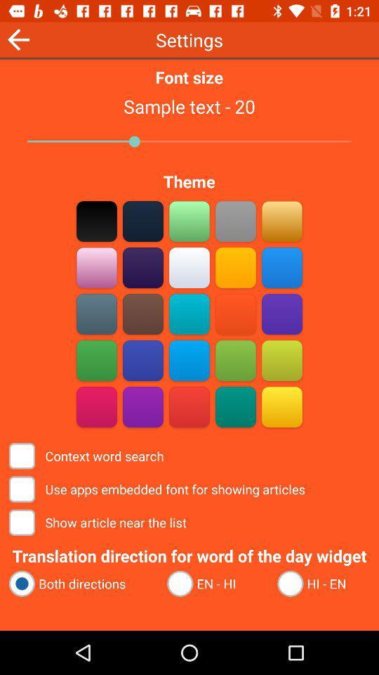 This screenshot has height=675, width=379. What do you see at coordinates (235, 406) in the screenshot?
I see `color theme` at bounding box center [235, 406].